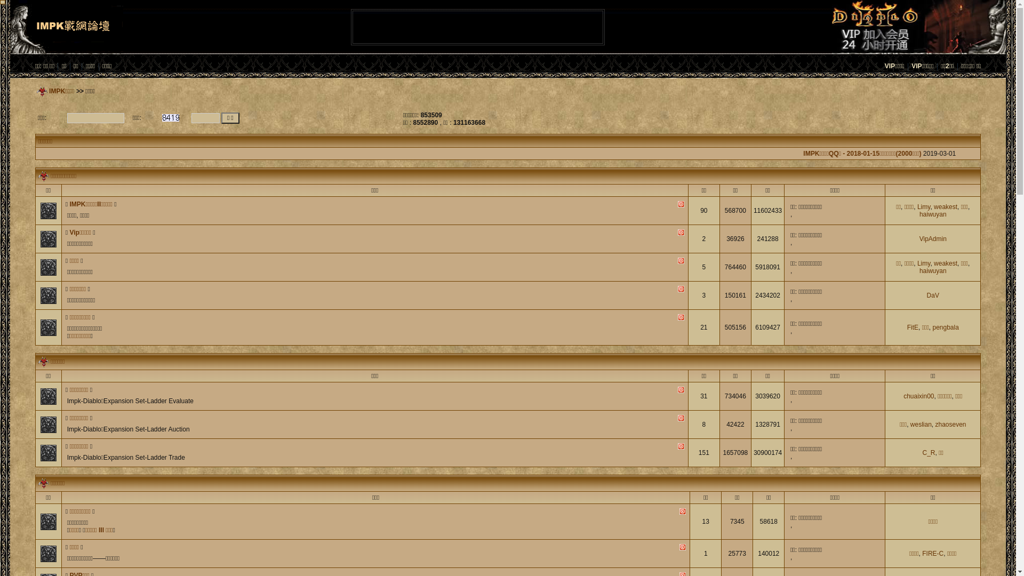  I want to click on 'chuaixin00', so click(918, 396).